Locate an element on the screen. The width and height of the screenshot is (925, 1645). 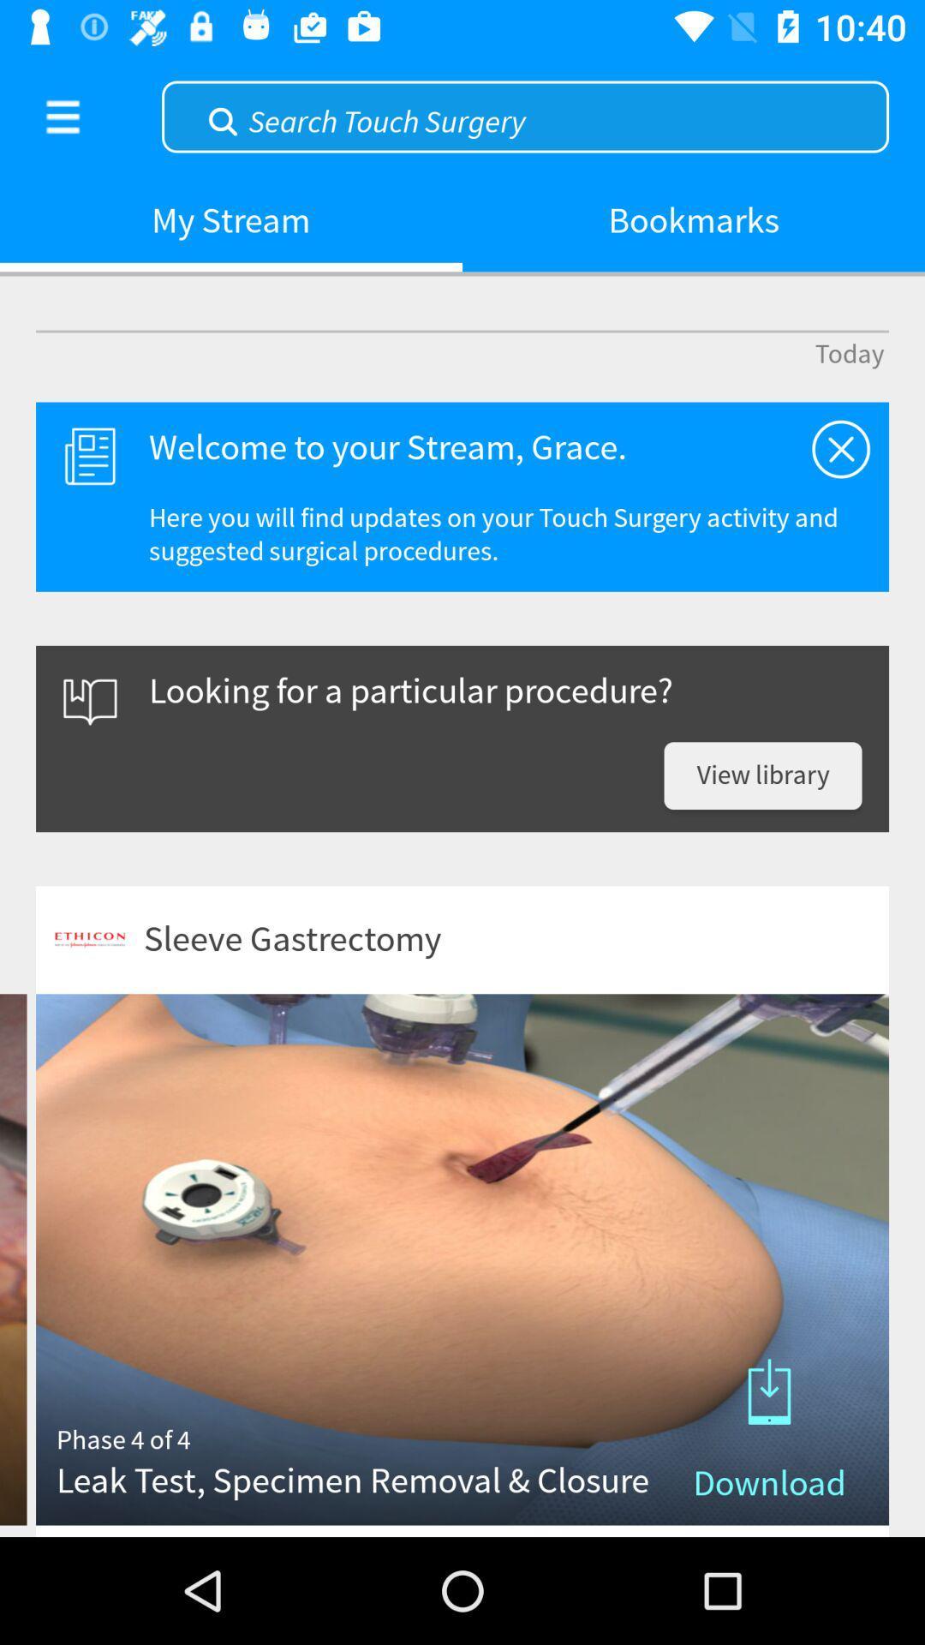
remove message from my stream is located at coordinates (840, 449).